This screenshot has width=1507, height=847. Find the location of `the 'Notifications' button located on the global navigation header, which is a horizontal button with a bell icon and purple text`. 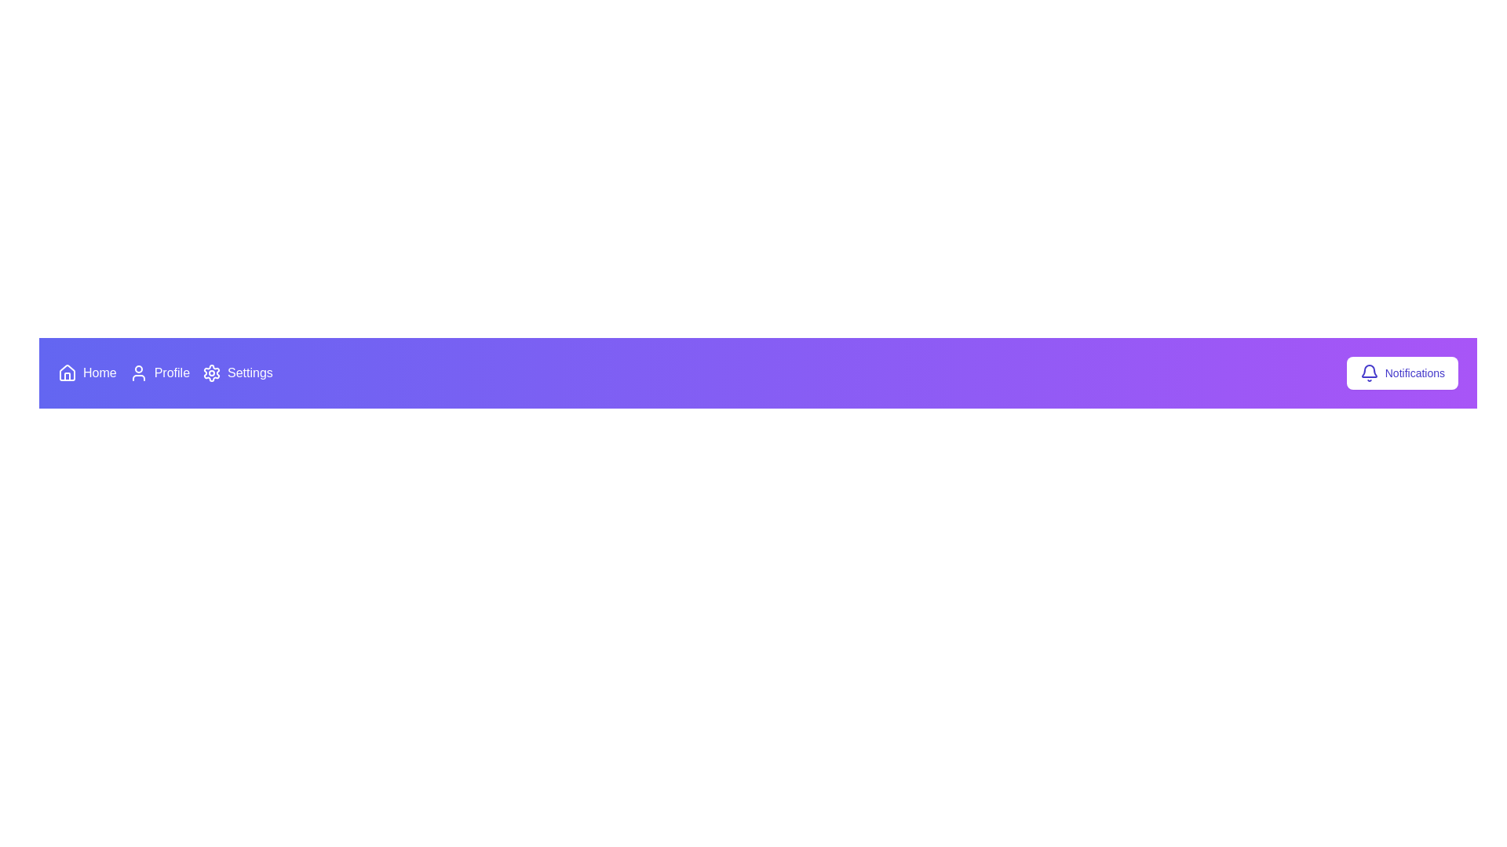

the 'Notifications' button located on the global navigation header, which is a horizontal button with a bell icon and purple text is located at coordinates (1402, 373).